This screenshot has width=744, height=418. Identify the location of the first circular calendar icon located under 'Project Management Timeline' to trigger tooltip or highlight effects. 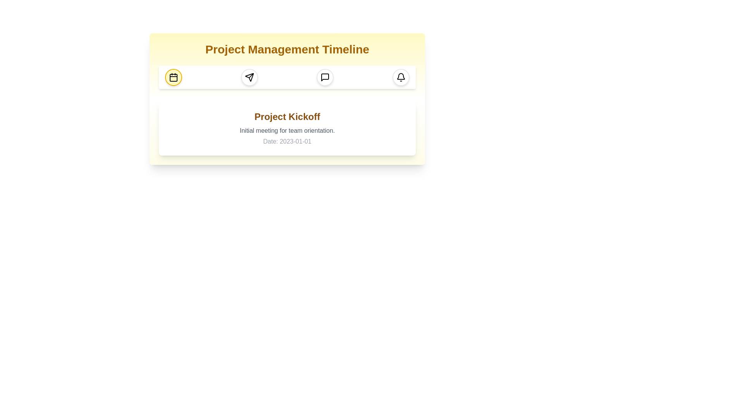
(173, 77).